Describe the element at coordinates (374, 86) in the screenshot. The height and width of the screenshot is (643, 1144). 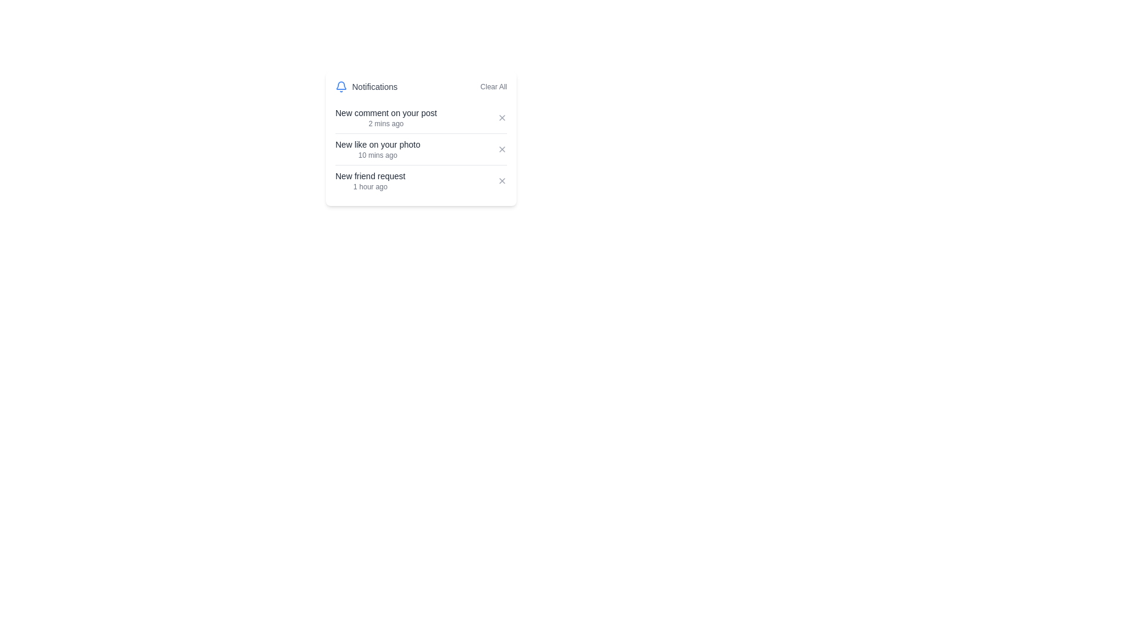
I see `the notifications section header label located centrally at the top of the notification dropdown panel, positioned to the right of a bell icon` at that location.